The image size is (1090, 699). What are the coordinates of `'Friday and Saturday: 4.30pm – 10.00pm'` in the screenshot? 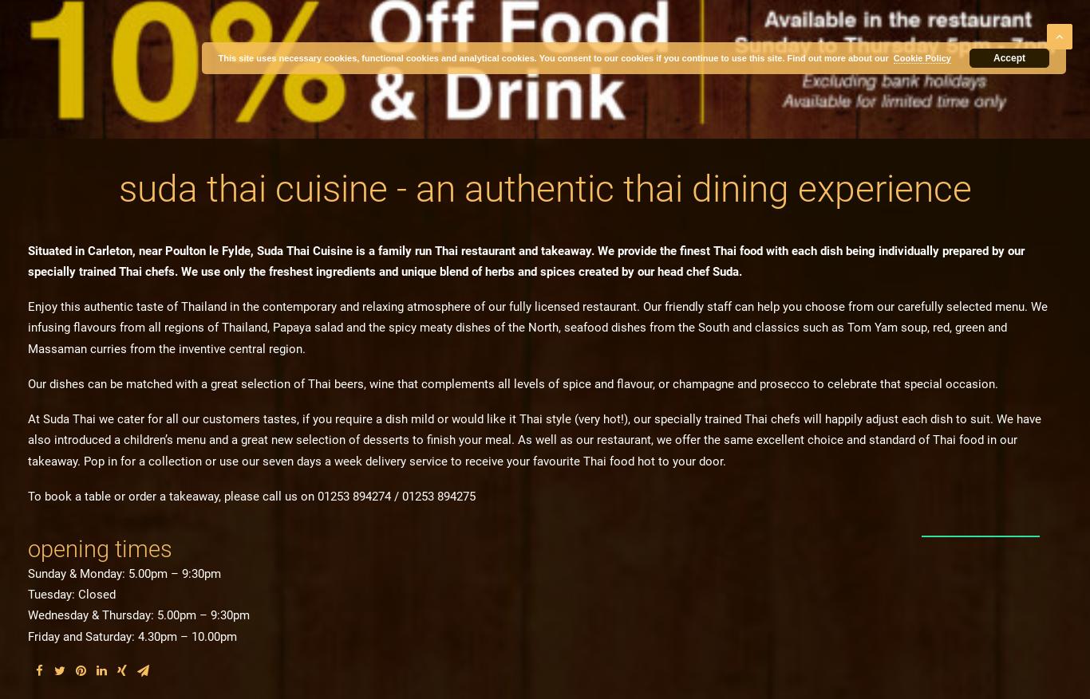 It's located at (131, 634).